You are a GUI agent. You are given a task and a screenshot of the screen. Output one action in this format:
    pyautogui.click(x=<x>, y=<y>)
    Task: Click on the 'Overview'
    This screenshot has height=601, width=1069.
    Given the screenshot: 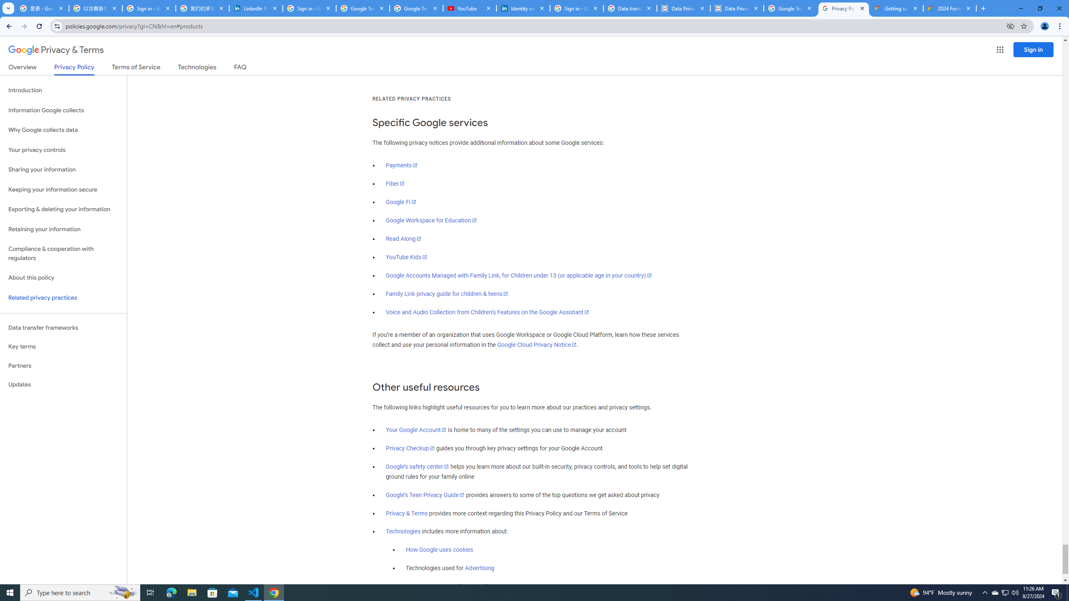 What is the action you would take?
    pyautogui.click(x=22, y=68)
    